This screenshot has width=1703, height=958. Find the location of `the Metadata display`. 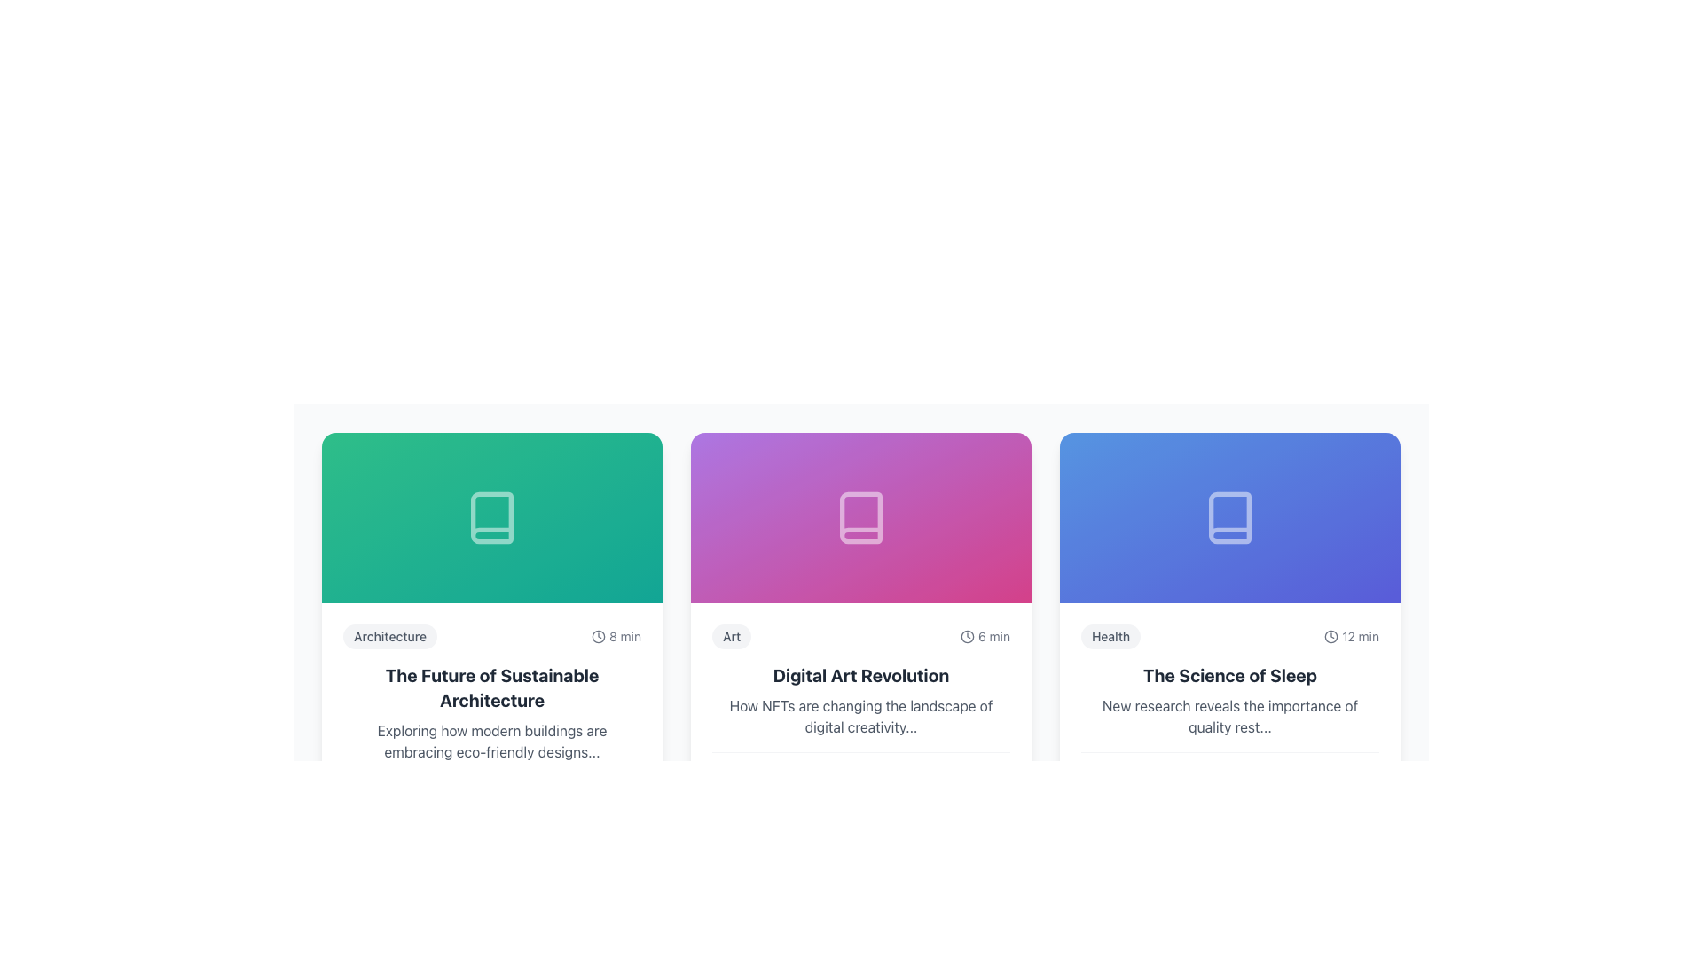

the Metadata display is located at coordinates (860, 635).